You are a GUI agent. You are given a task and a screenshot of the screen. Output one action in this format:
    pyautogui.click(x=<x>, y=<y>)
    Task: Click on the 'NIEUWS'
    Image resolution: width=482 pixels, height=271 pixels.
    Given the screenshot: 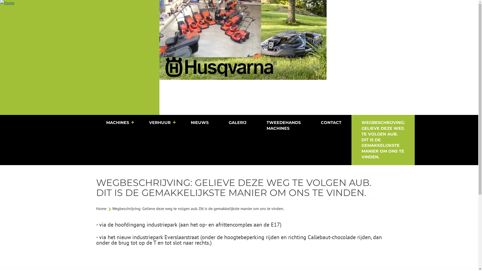 What is the action you would take?
    pyautogui.click(x=199, y=123)
    